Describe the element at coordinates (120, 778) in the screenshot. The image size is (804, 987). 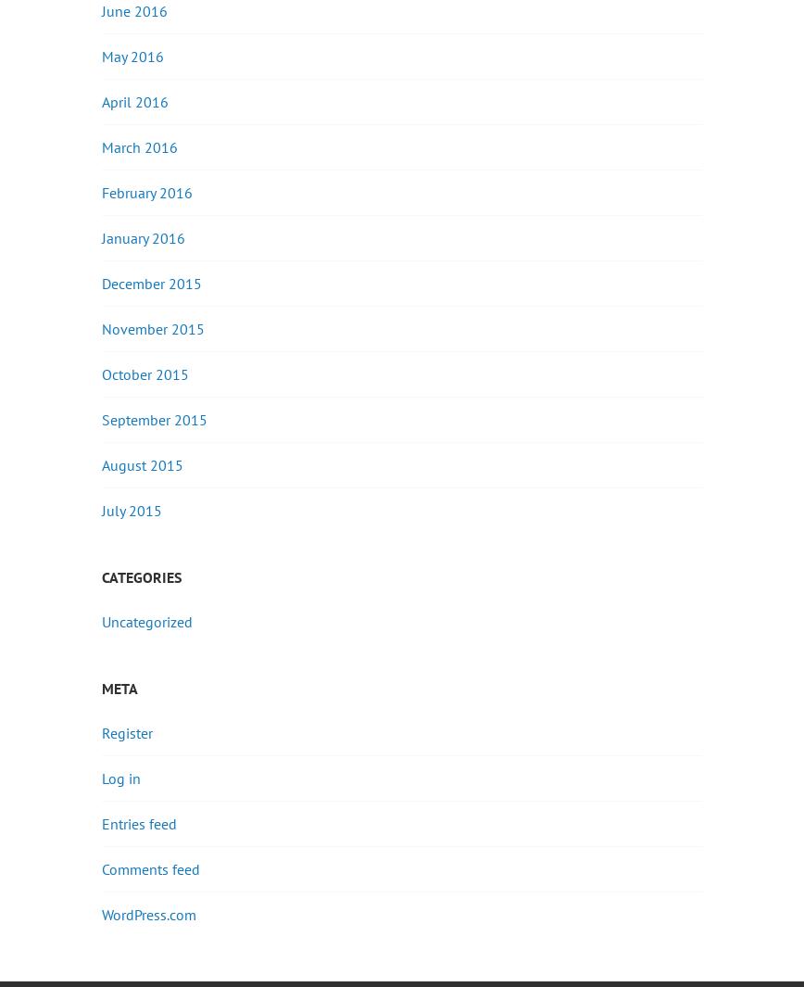
I see `'Log in'` at that location.